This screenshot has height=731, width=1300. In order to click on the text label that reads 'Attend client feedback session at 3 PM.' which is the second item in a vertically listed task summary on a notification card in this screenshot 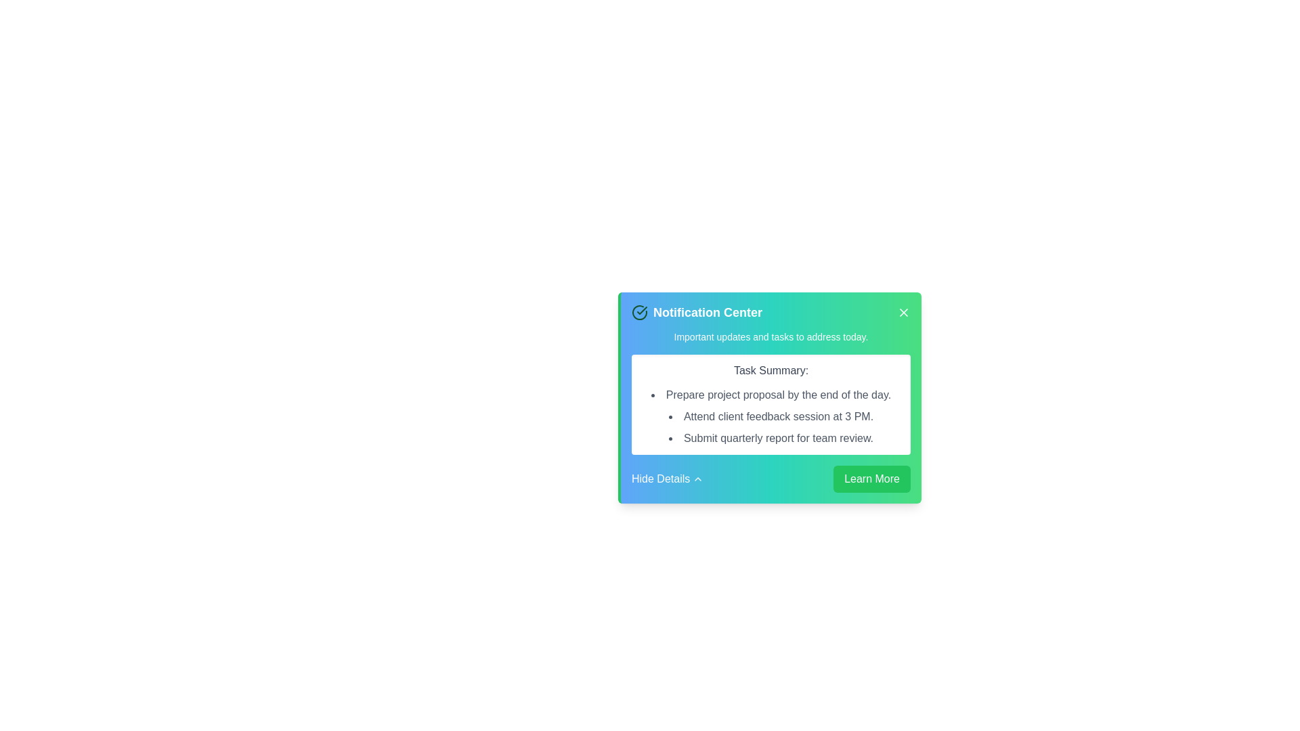, I will do `click(771, 416)`.